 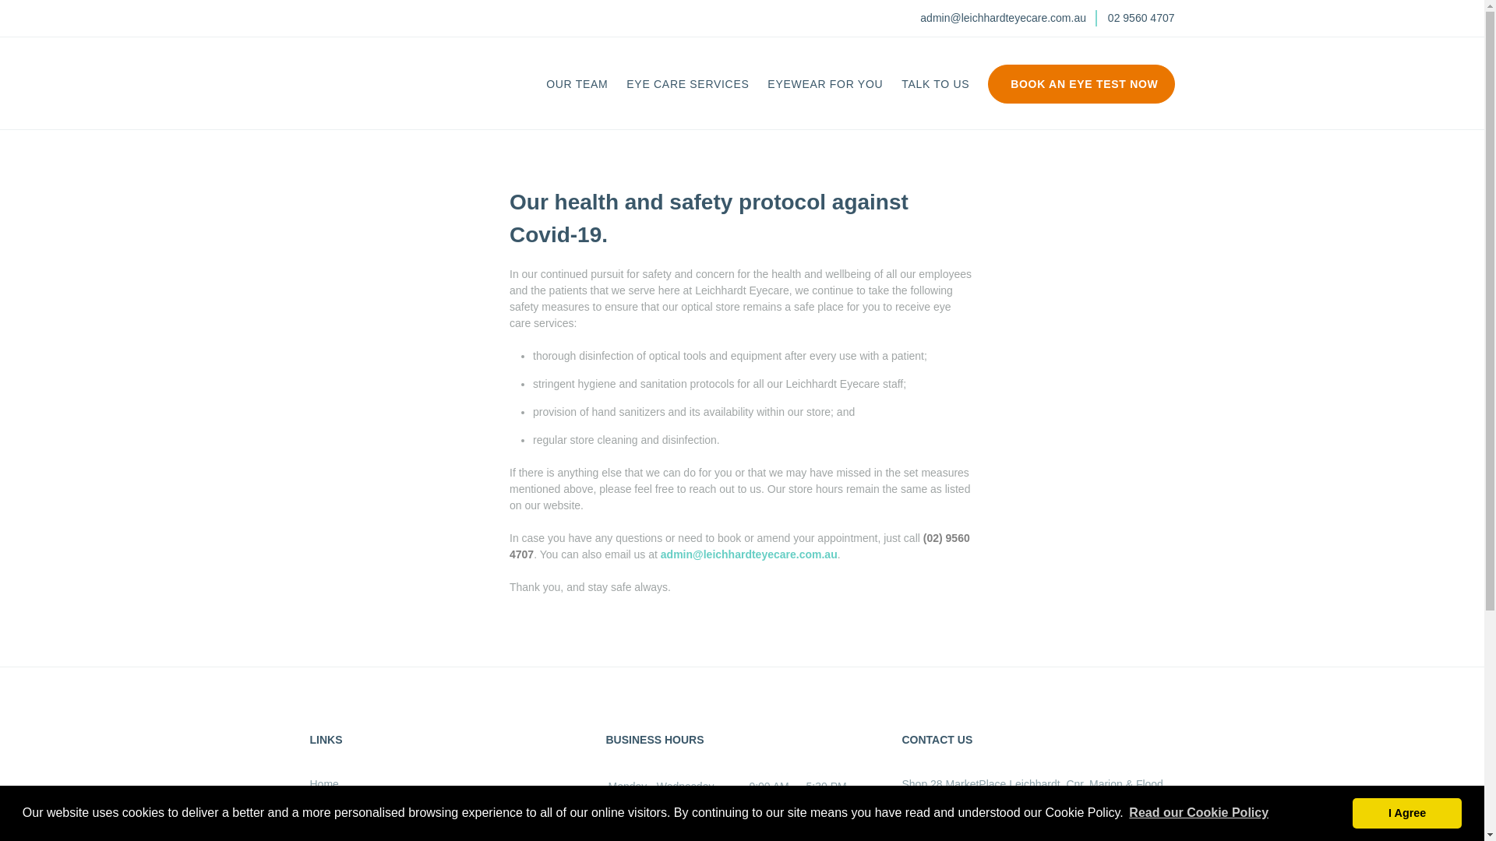 What do you see at coordinates (323, 783) in the screenshot?
I see `'Home'` at bounding box center [323, 783].